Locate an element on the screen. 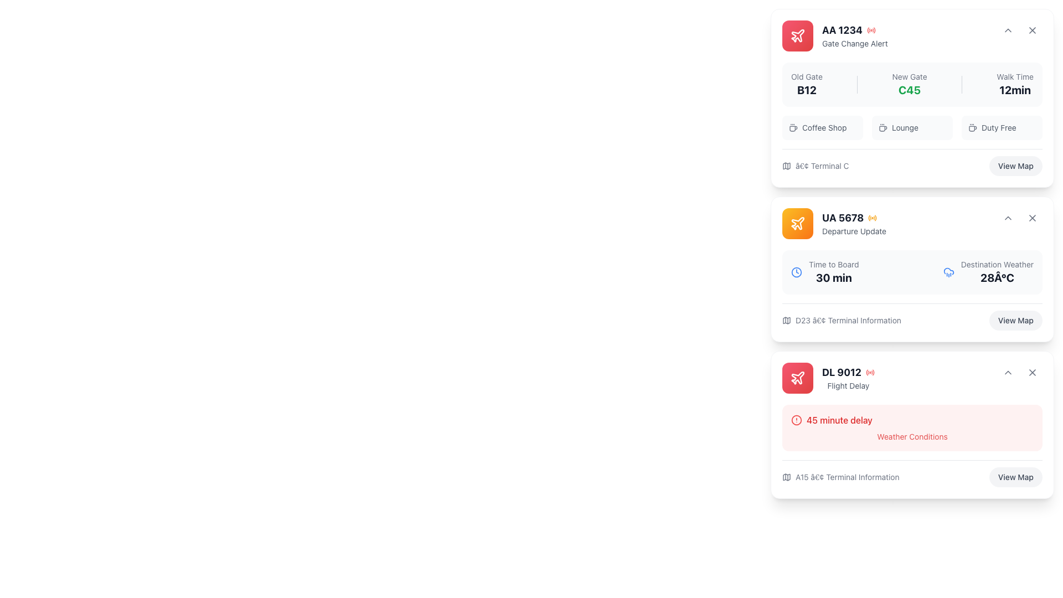 The width and height of the screenshot is (1063, 598). the close icon resembling a cross in the top-right corner of the 'DL 9012' flight delay notification card is located at coordinates (1032, 372).